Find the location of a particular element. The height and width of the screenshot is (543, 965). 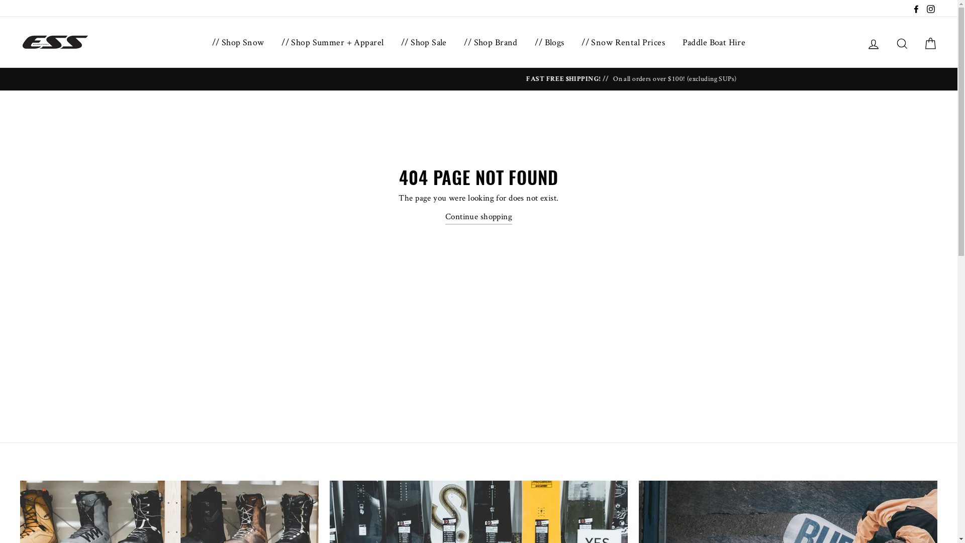

'Search' is located at coordinates (902, 42).